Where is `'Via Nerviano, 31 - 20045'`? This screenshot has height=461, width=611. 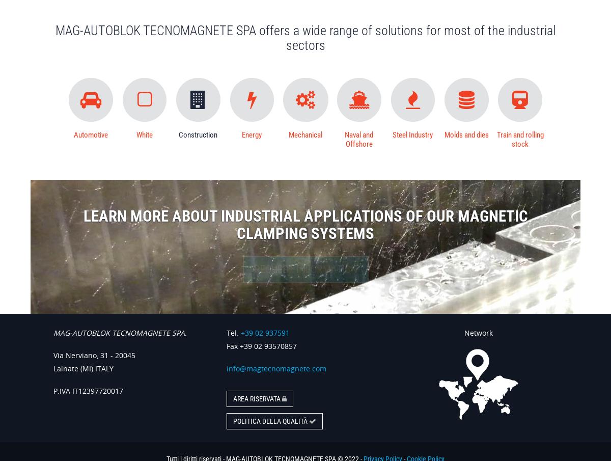
'Via Nerviano, 31 - 20045' is located at coordinates (94, 355).